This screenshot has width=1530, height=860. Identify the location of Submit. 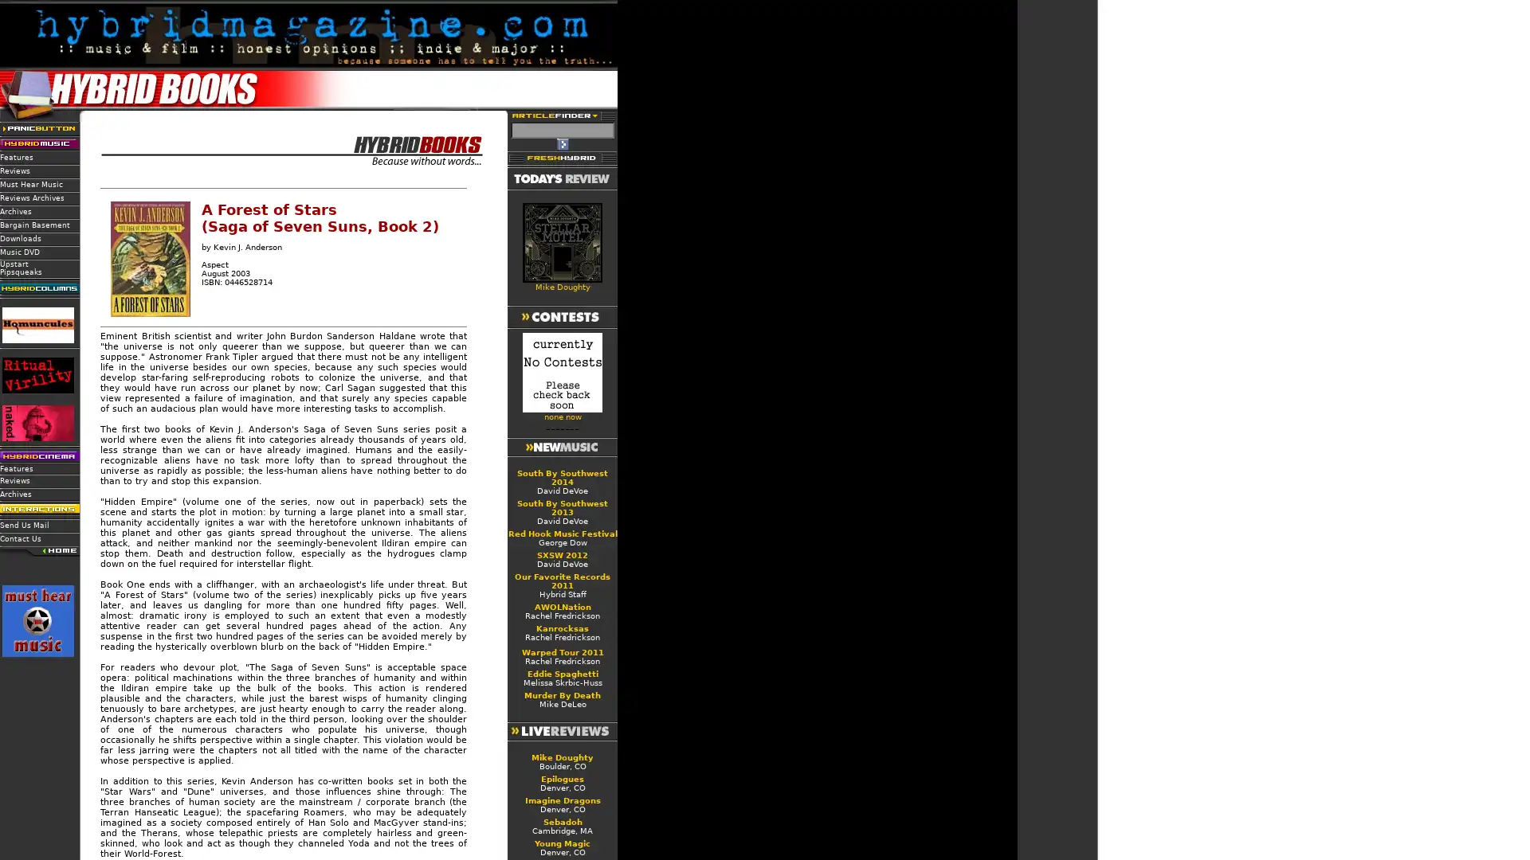
(562, 144).